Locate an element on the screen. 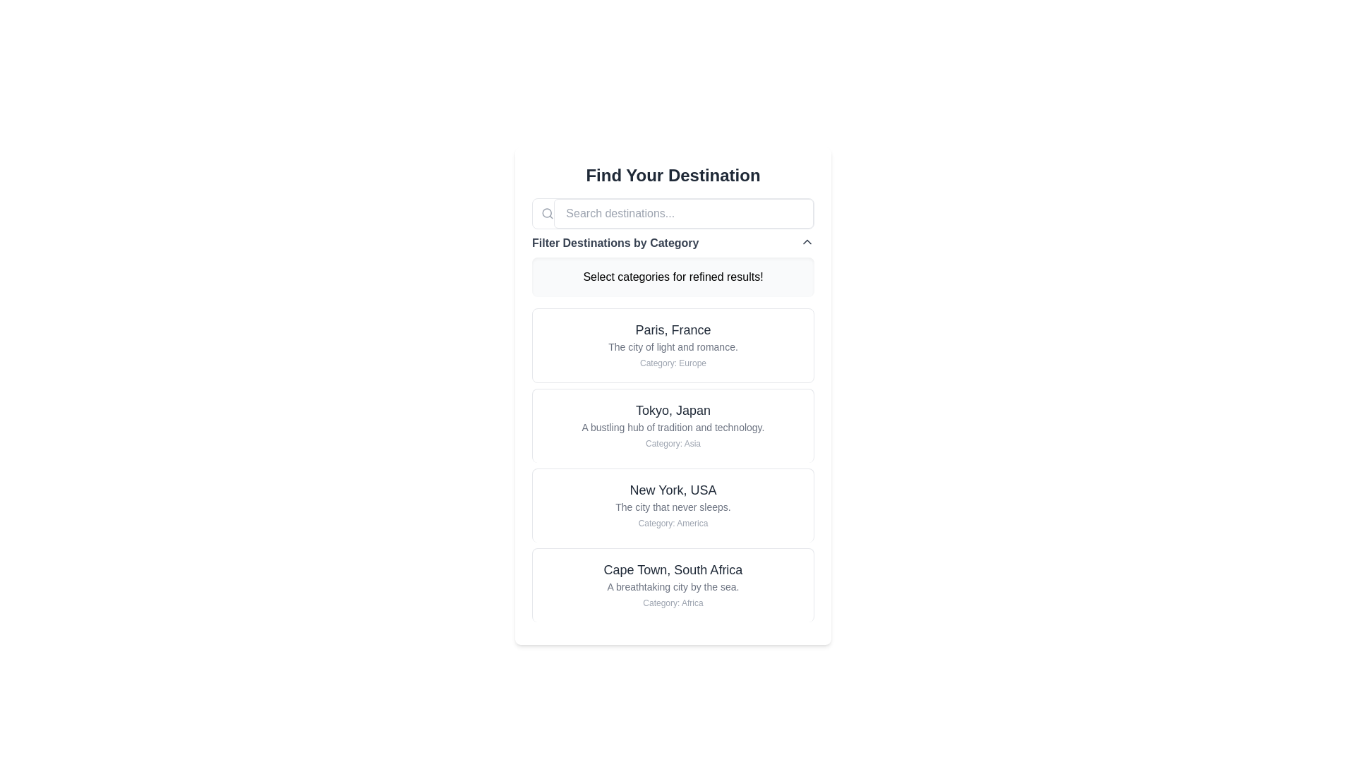  the text label that provides additional context about 'Cape Town, South Africa', positioned beneath the main title and above the category information is located at coordinates (673, 587).